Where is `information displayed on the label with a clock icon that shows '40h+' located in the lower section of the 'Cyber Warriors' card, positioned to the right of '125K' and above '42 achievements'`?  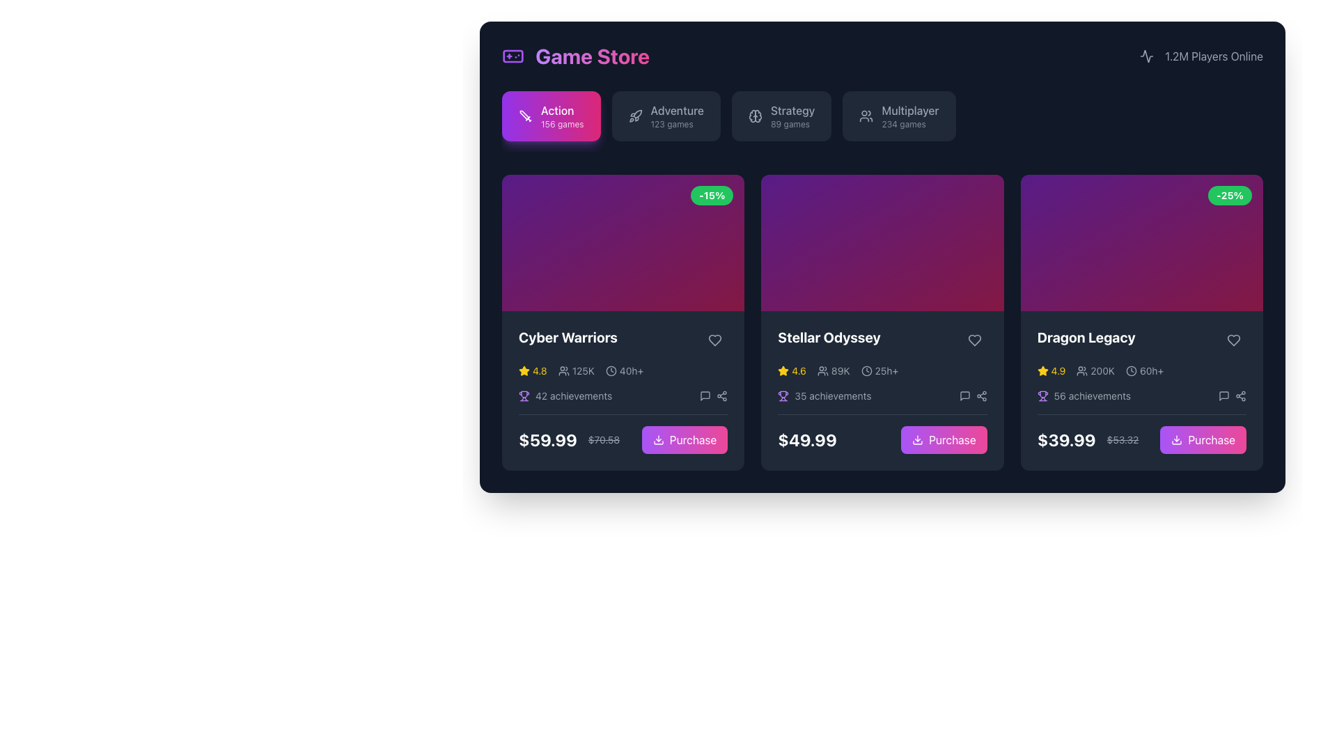
information displayed on the label with a clock icon that shows '40h+' located in the lower section of the 'Cyber Warriors' card, positioned to the right of '125K' and above '42 achievements' is located at coordinates (624, 370).